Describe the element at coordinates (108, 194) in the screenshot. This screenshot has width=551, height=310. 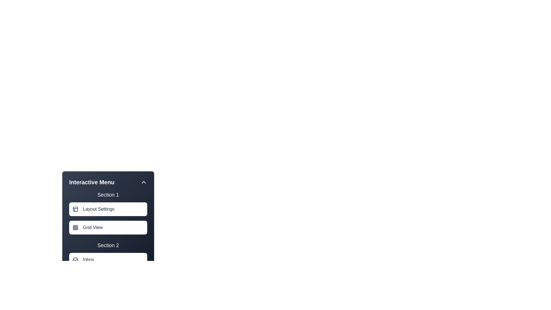
I see `the header Section 1 for observation` at that location.